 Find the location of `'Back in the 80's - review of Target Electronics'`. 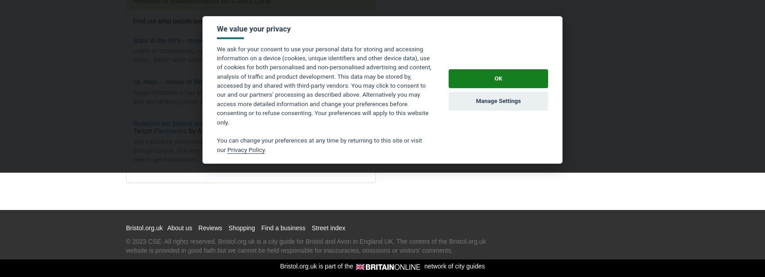

'Back in the 80's - review of Target Electronics' is located at coordinates (201, 40).